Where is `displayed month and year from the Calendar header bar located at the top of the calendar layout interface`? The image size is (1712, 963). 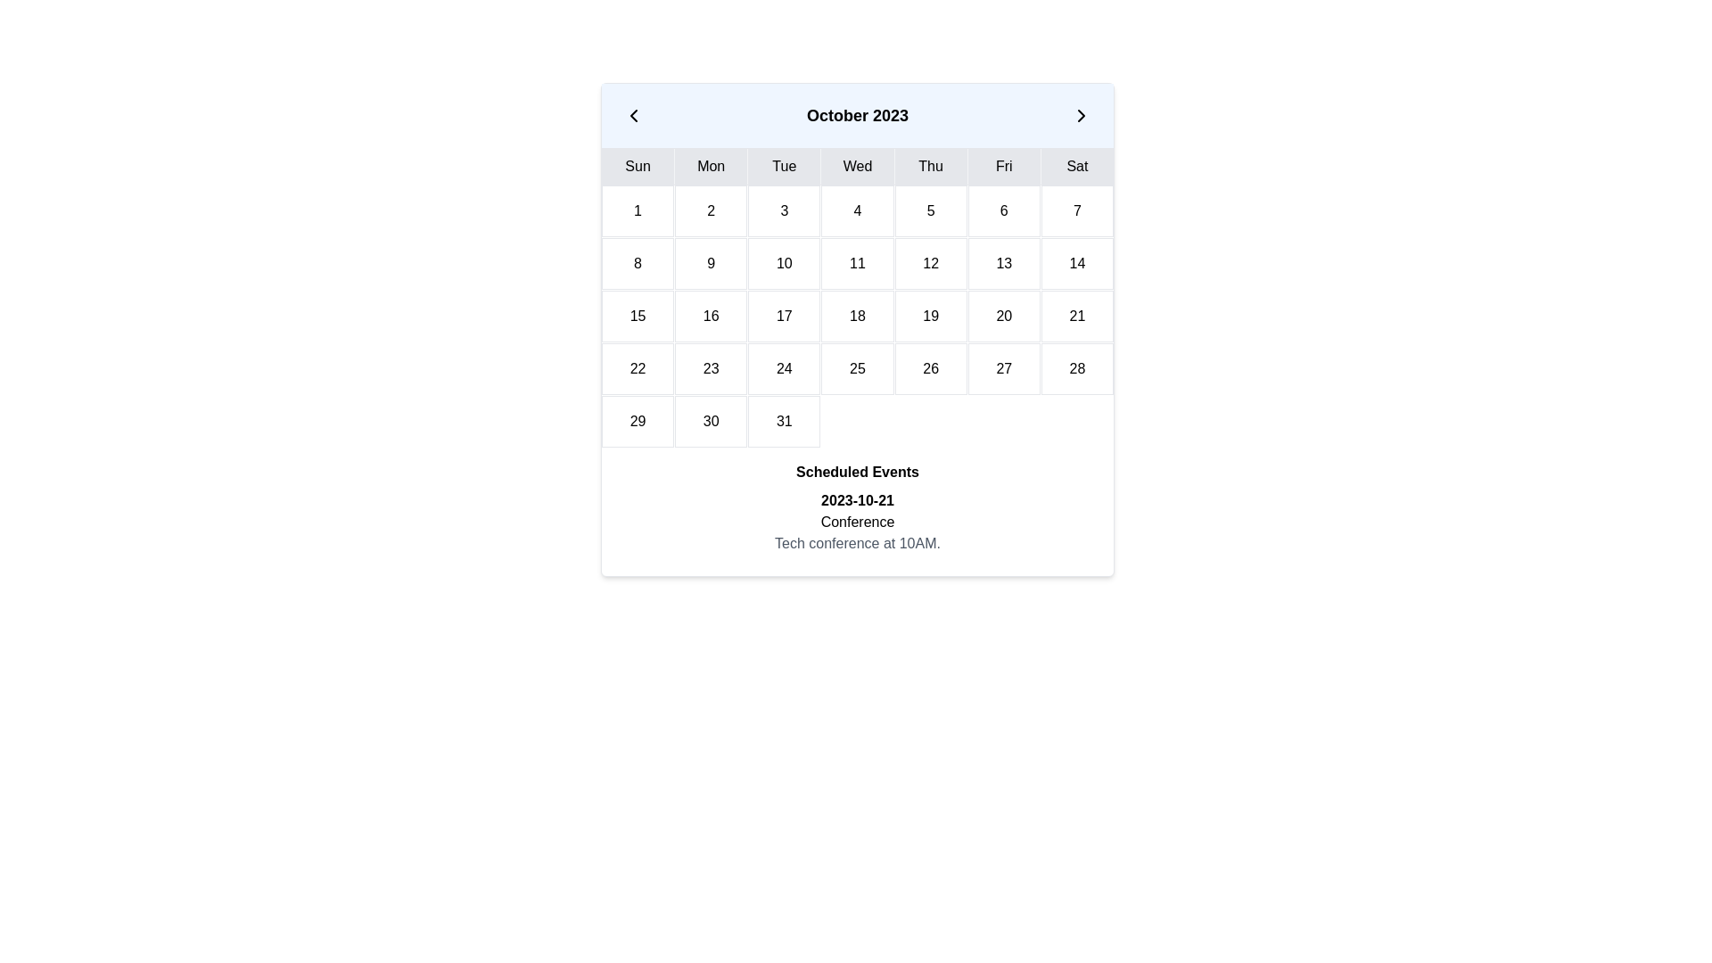
displayed month and year from the Calendar header bar located at the top of the calendar layout interface is located at coordinates (857, 116).